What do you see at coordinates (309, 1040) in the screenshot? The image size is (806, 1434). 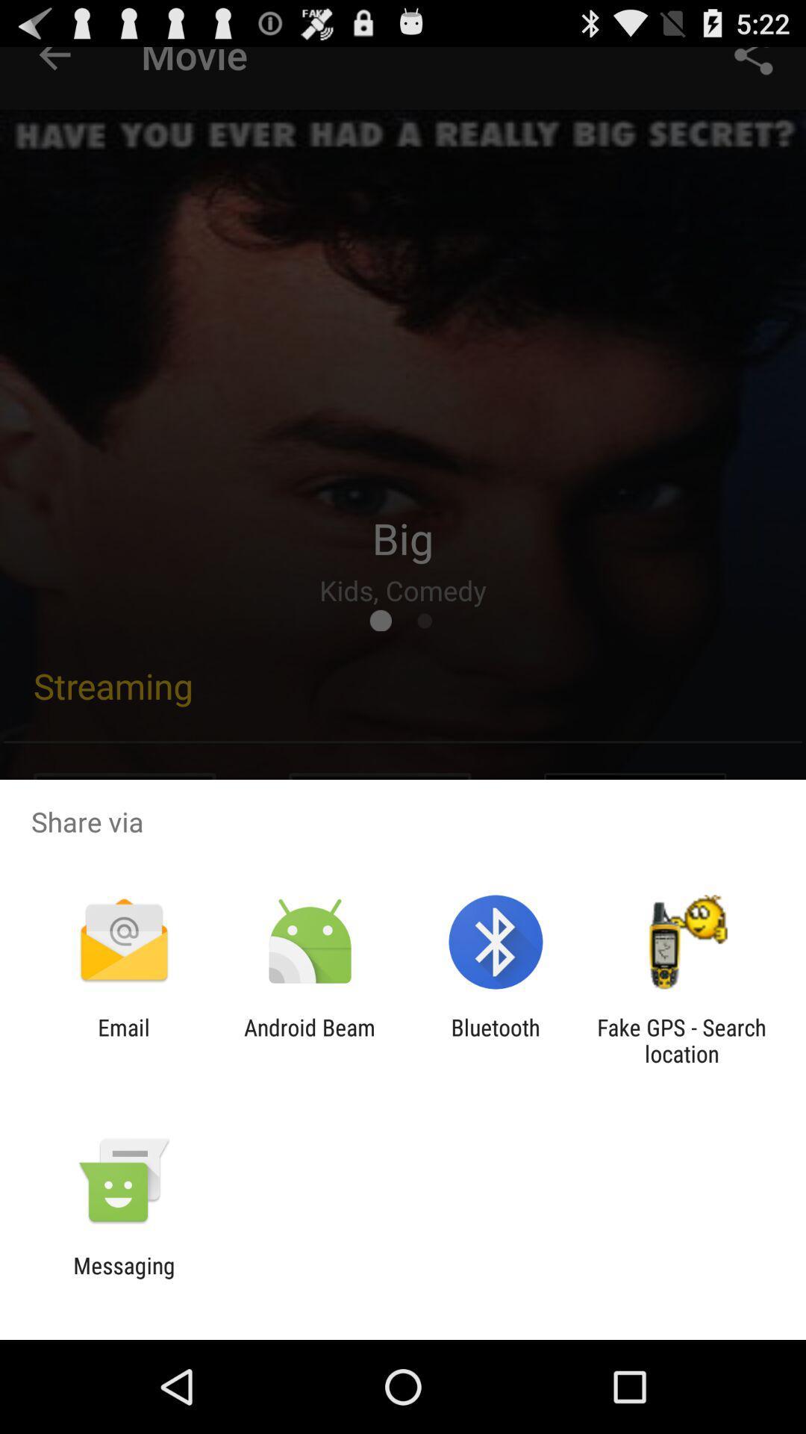 I see `the app to the right of the email icon` at bounding box center [309, 1040].